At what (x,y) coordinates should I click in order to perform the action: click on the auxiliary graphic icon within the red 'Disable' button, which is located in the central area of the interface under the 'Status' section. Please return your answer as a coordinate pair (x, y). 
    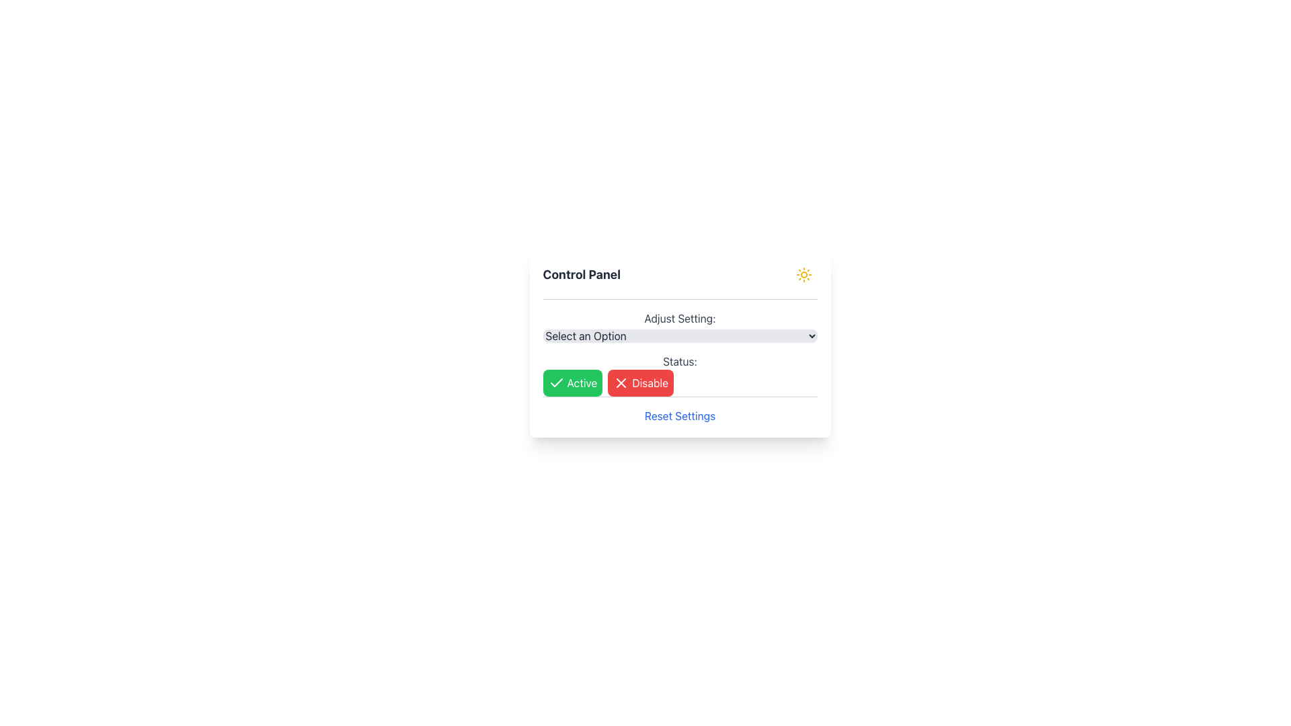
    Looking at the image, I should click on (621, 383).